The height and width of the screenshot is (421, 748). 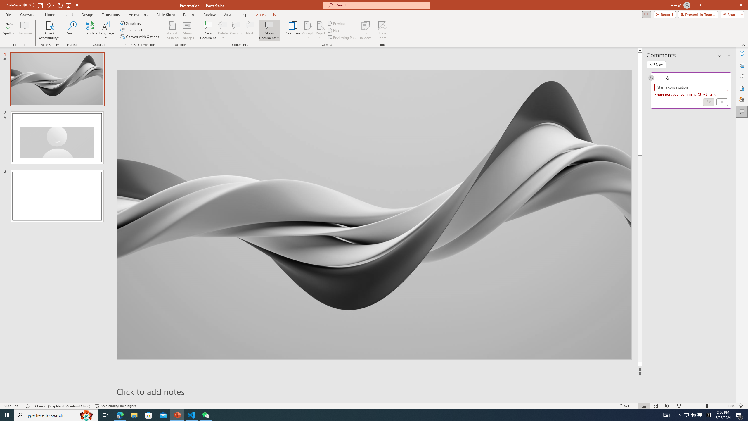 What do you see at coordinates (691, 87) in the screenshot?
I see `'Start a conversation'` at bounding box center [691, 87].